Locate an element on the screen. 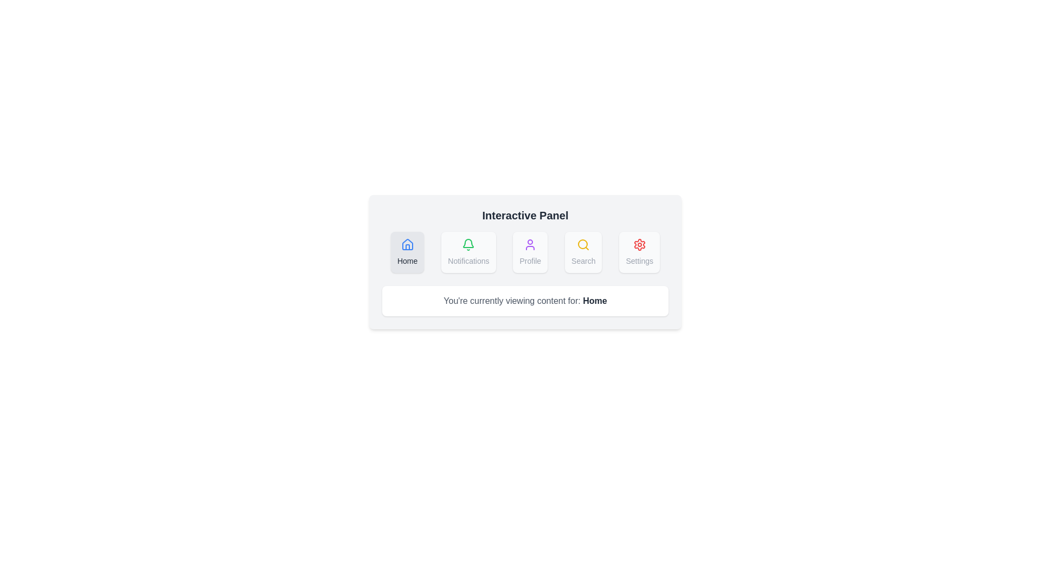 The width and height of the screenshot is (1041, 585). the 'Home' text label, which indicates the purpose of the Home button in a horizontal menu, located at the center of the interface is located at coordinates (407, 261).